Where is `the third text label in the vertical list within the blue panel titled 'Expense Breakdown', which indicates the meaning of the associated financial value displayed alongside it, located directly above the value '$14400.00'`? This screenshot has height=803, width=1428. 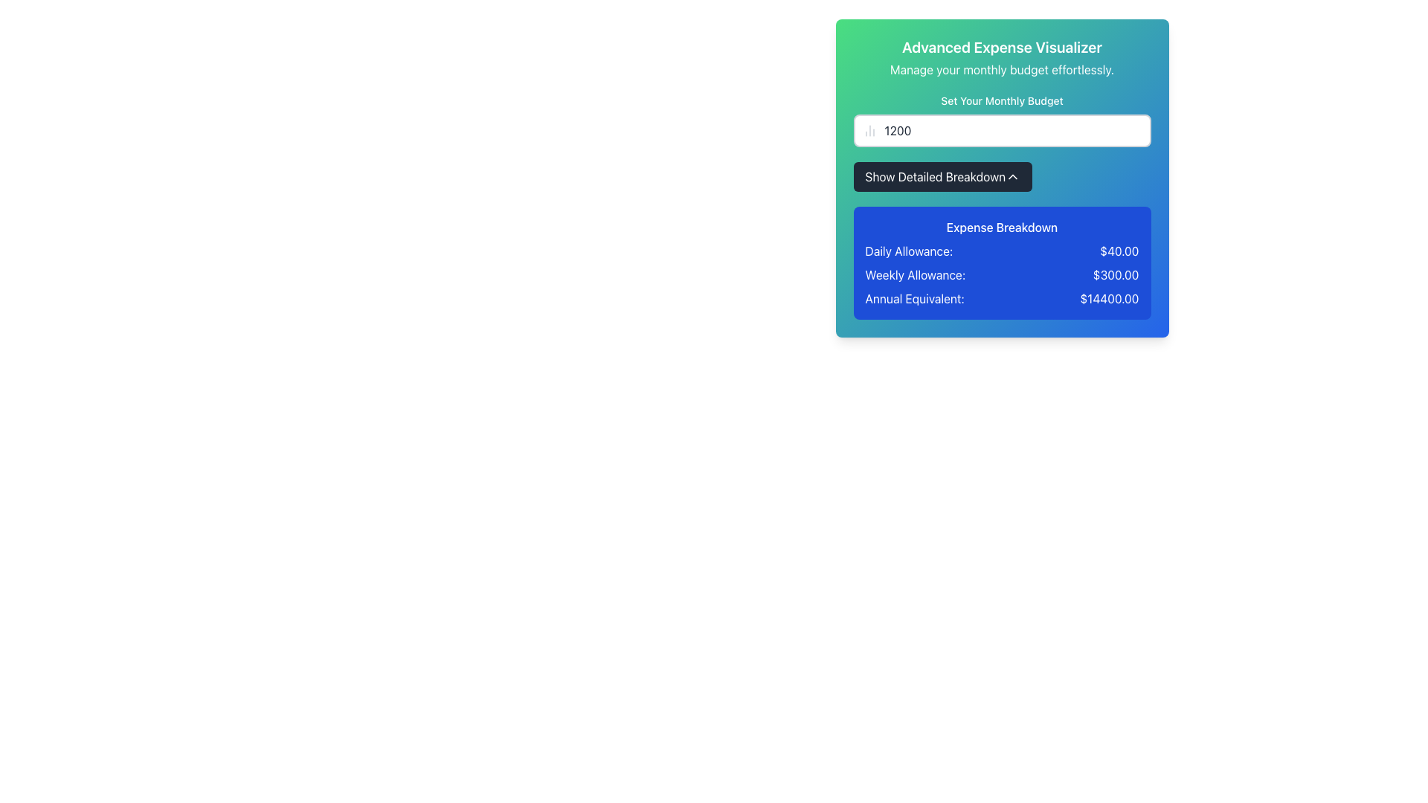 the third text label in the vertical list within the blue panel titled 'Expense Breakdown', which indicates the meaning of the associated financial value displayed alongside it, located directly above the value '$14400.00' is located at coordinates (914, 298).